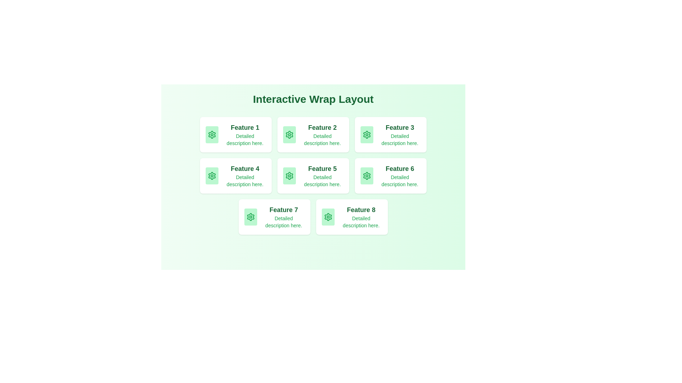 The height and width of the screenshot is (383, 682). I want to click on the green gear icon in the fourth feature card, so click(211, 176).